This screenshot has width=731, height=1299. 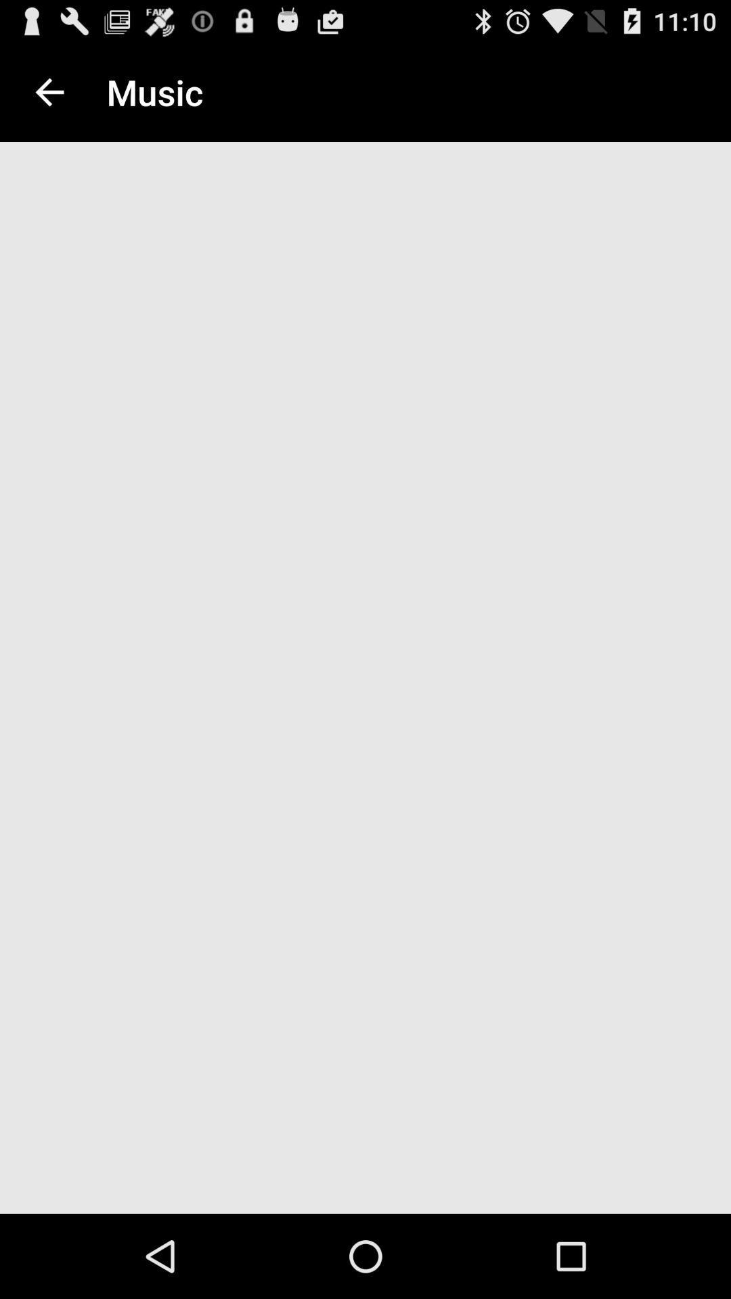 What do you see at coordinates (365, 682) in the screenshot?
I see `item at the center` at bounding box center [365, 682].